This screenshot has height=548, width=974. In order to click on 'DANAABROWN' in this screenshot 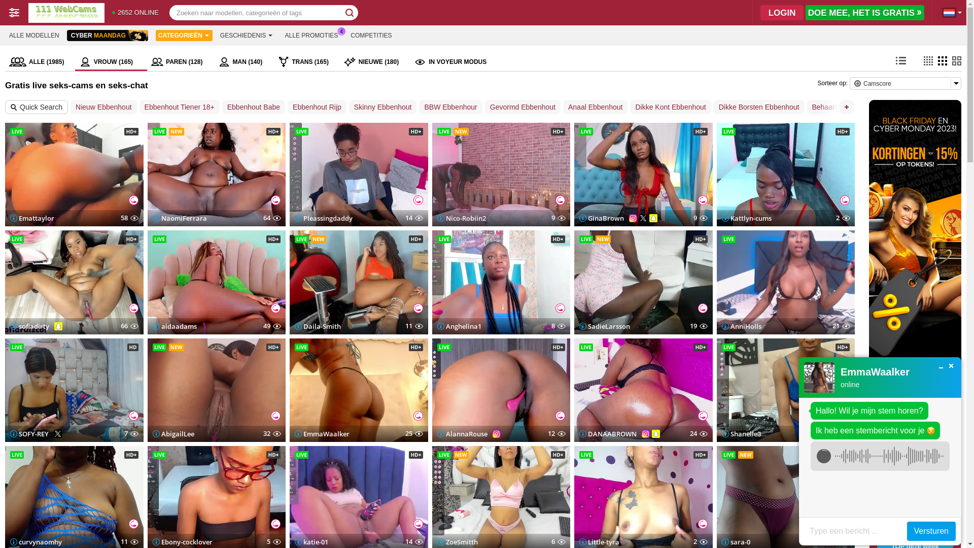, I will do `click(579, 434)`.